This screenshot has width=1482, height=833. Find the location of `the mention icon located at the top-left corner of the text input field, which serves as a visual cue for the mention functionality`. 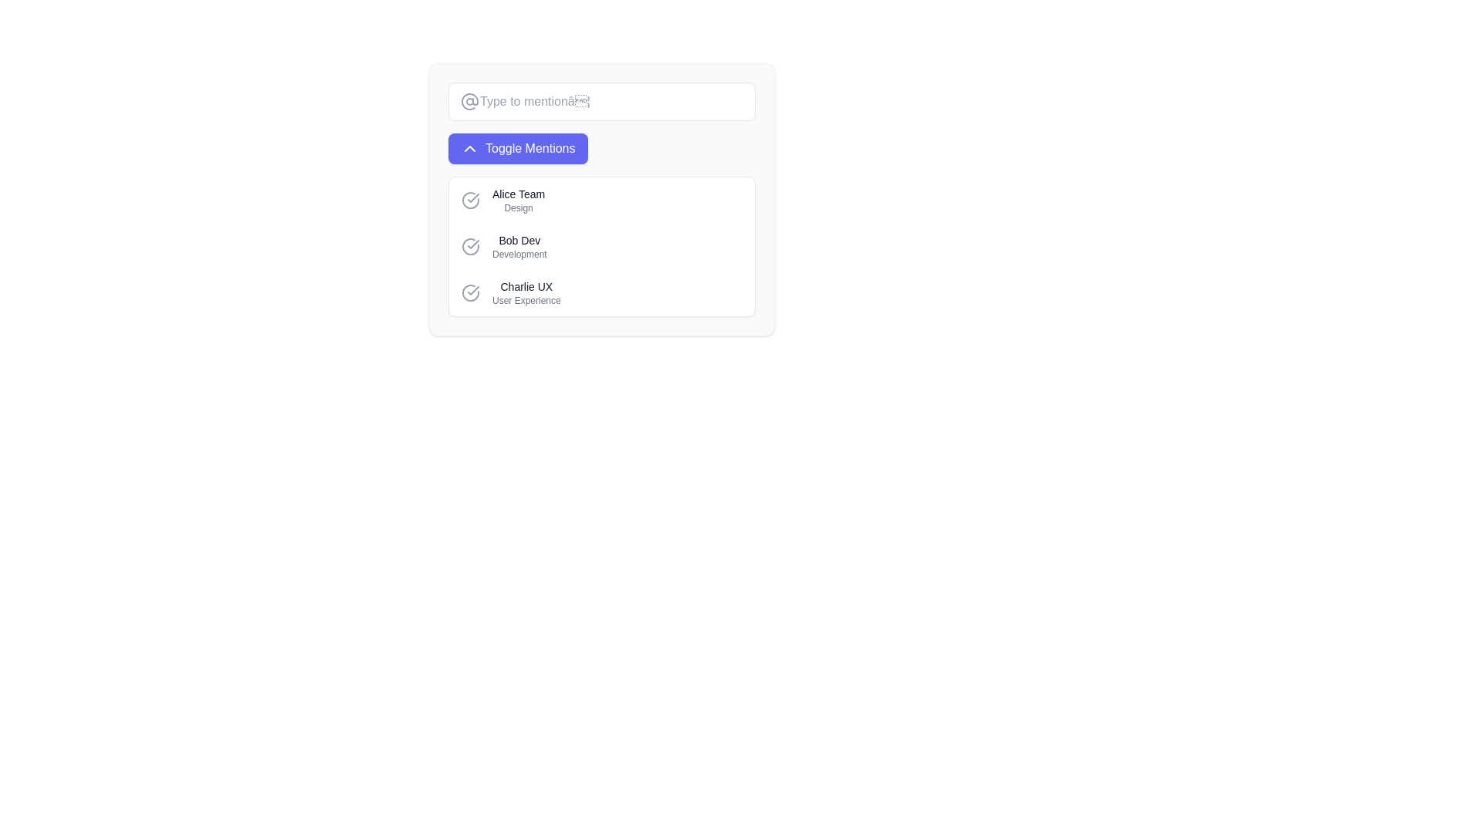

the mention icon located at the top-left corner of the text input field, which serves as a visual cue for the mention functionality is located at coordinates (469, 101).